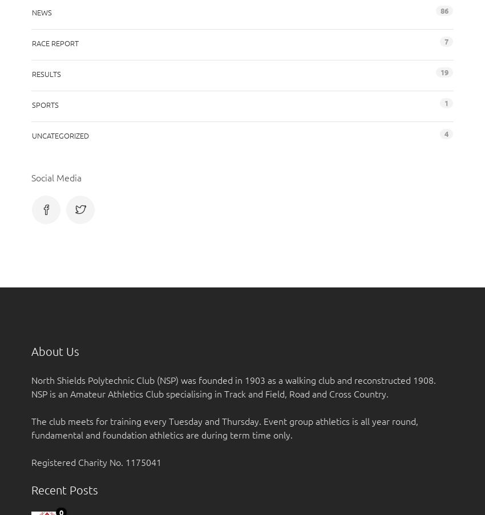 Image resolution: width=485 pixels, height=515 pixels. What do you see at coordinates (446, 40) in the screenshot?
I see `'7'` at bounding box center [446, 40].